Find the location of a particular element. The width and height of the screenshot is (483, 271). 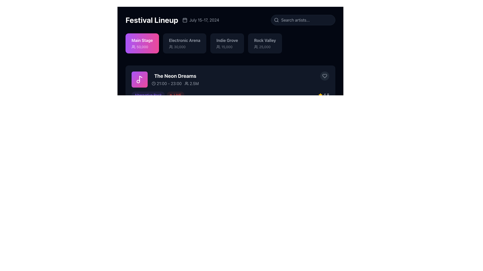

the 'Main Stage' label element, which serves as an informational title identifying the main stage section within the lineup is located at coordinates (142, 40).